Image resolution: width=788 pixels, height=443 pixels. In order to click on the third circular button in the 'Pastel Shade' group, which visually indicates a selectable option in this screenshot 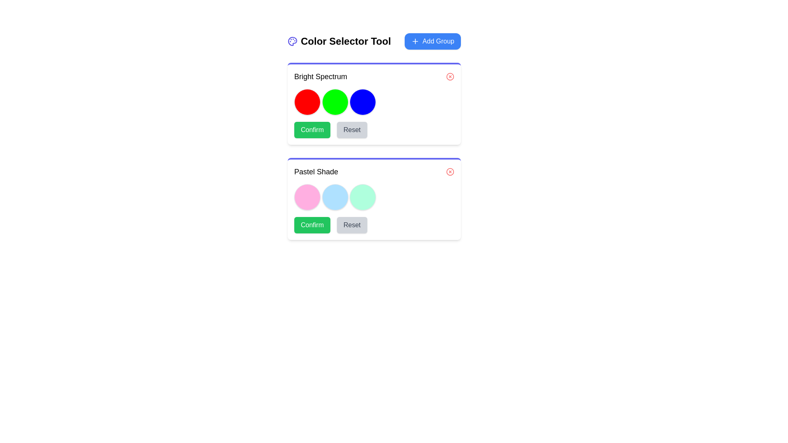, I will do `click(362, 197)`.